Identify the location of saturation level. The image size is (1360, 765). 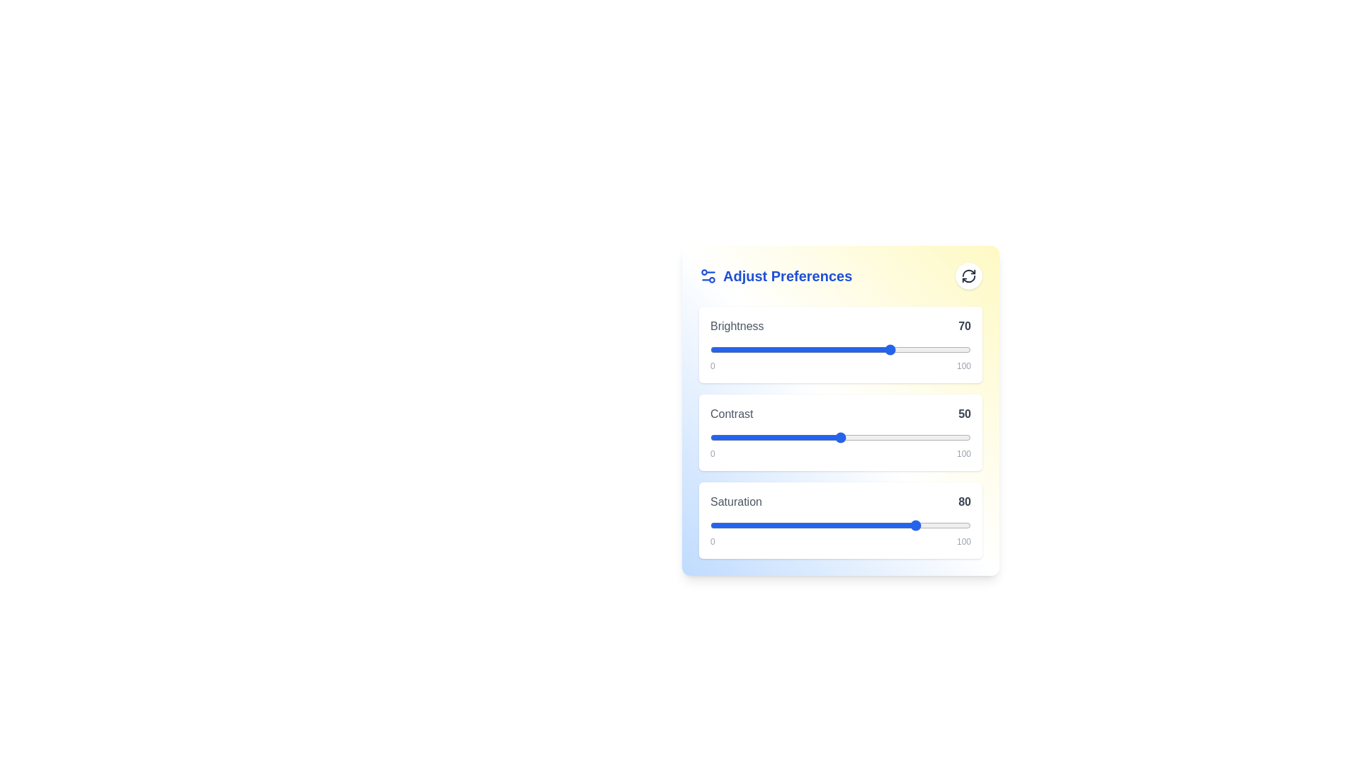
(947, 525).